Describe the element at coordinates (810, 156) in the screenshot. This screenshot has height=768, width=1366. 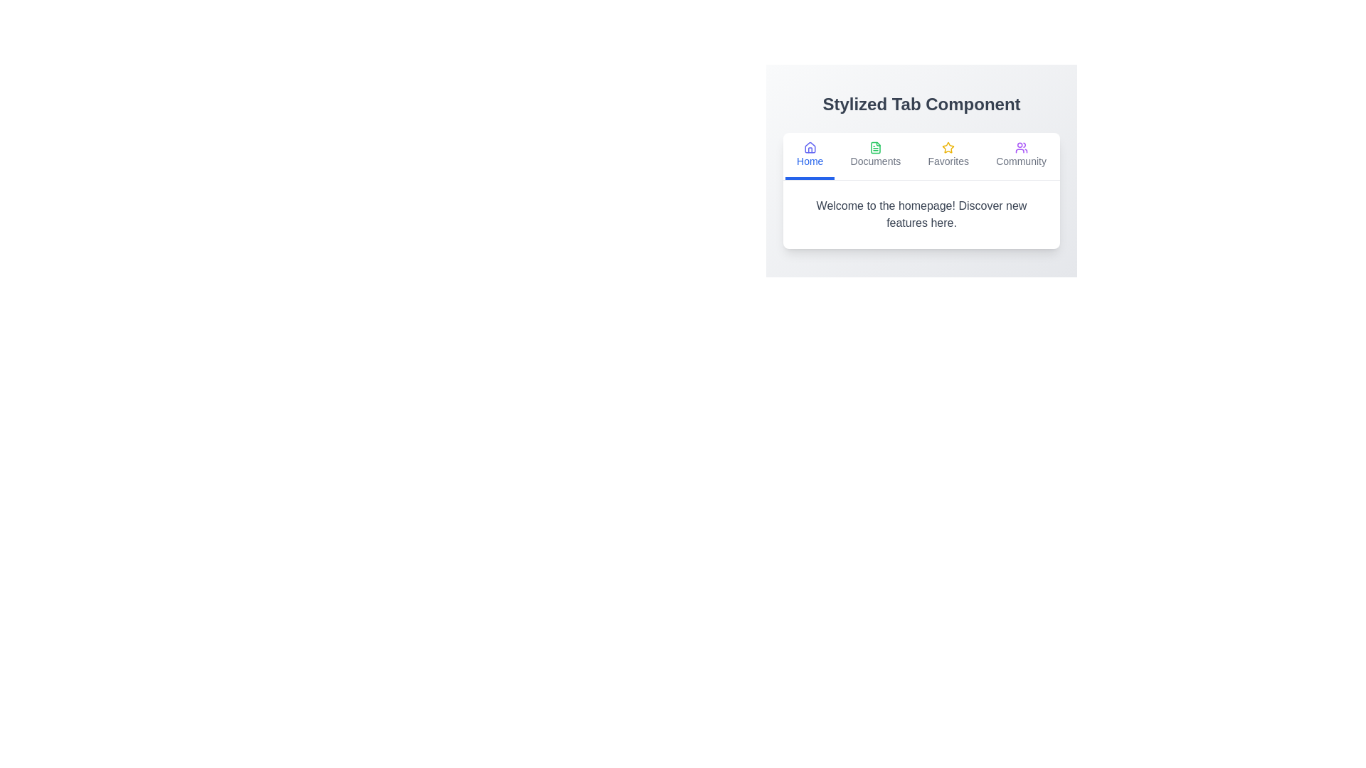
I see `the 'Home' tab item in the navigation bar, which features a house icon and is styled with a blue color scheme and a bold blue underline, indicating it is currently selected` at that location.